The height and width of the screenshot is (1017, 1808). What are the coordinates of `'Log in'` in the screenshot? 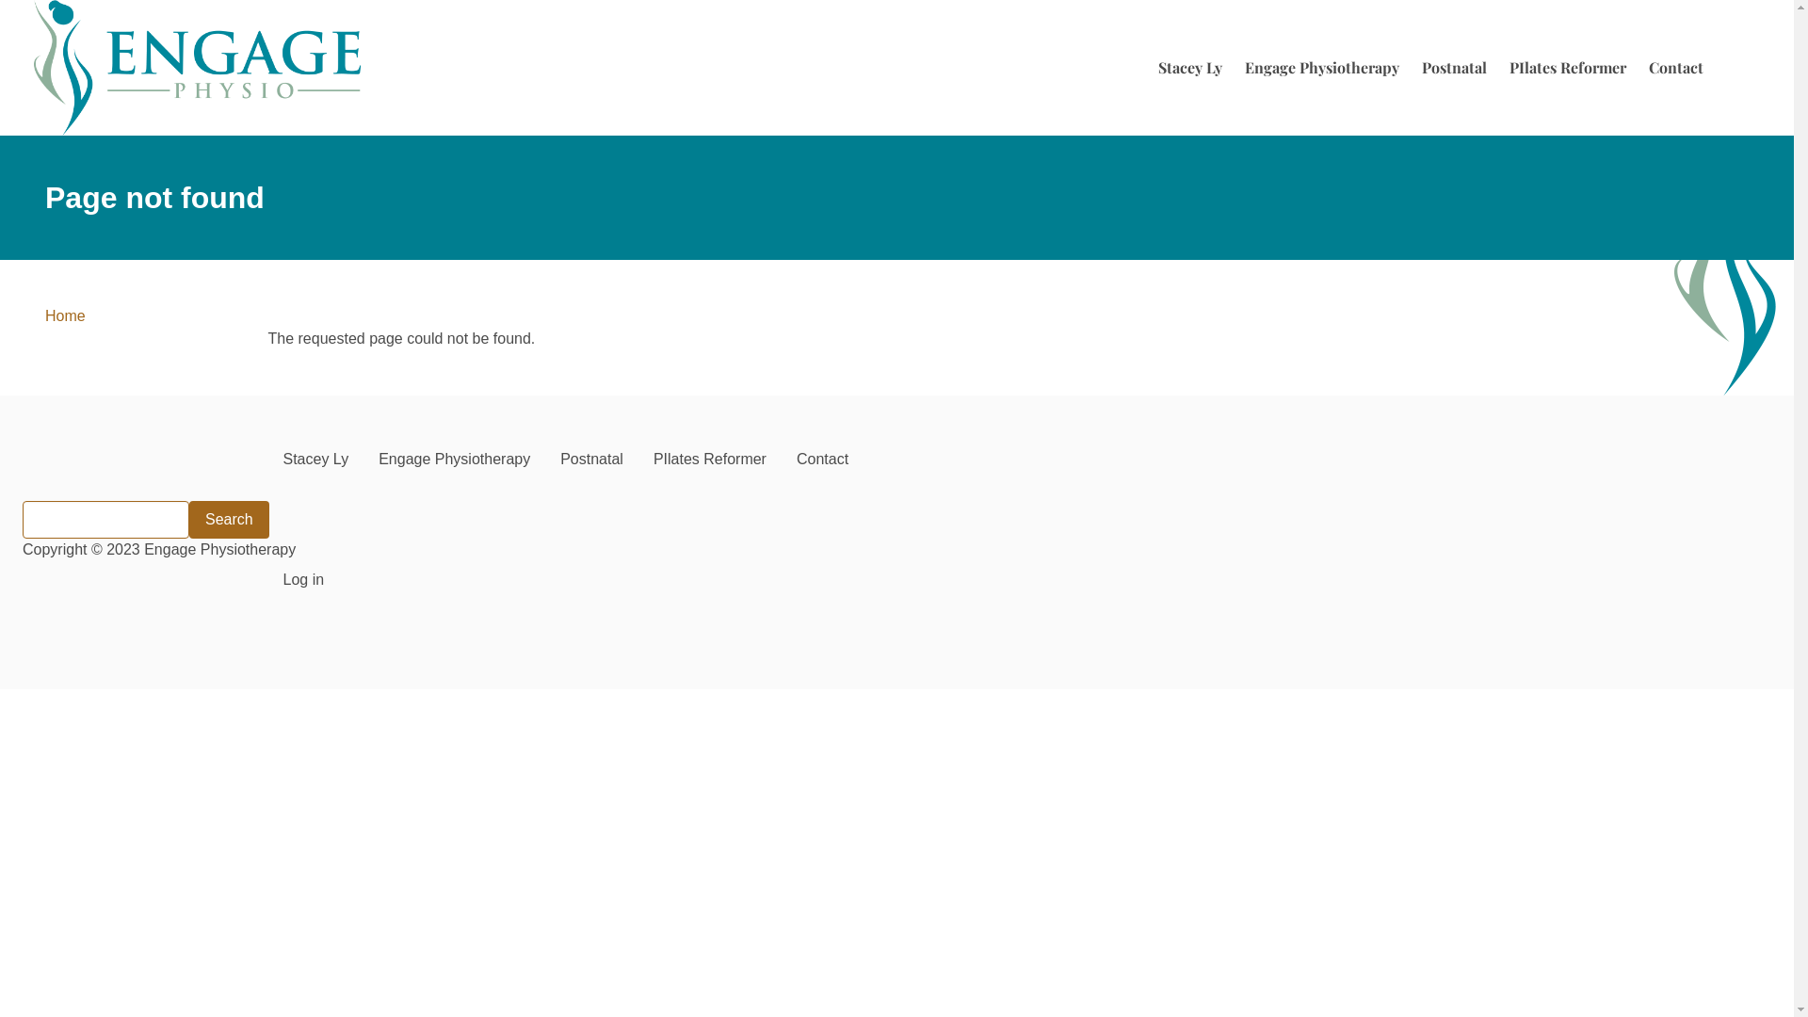 It's located at (302, 579).